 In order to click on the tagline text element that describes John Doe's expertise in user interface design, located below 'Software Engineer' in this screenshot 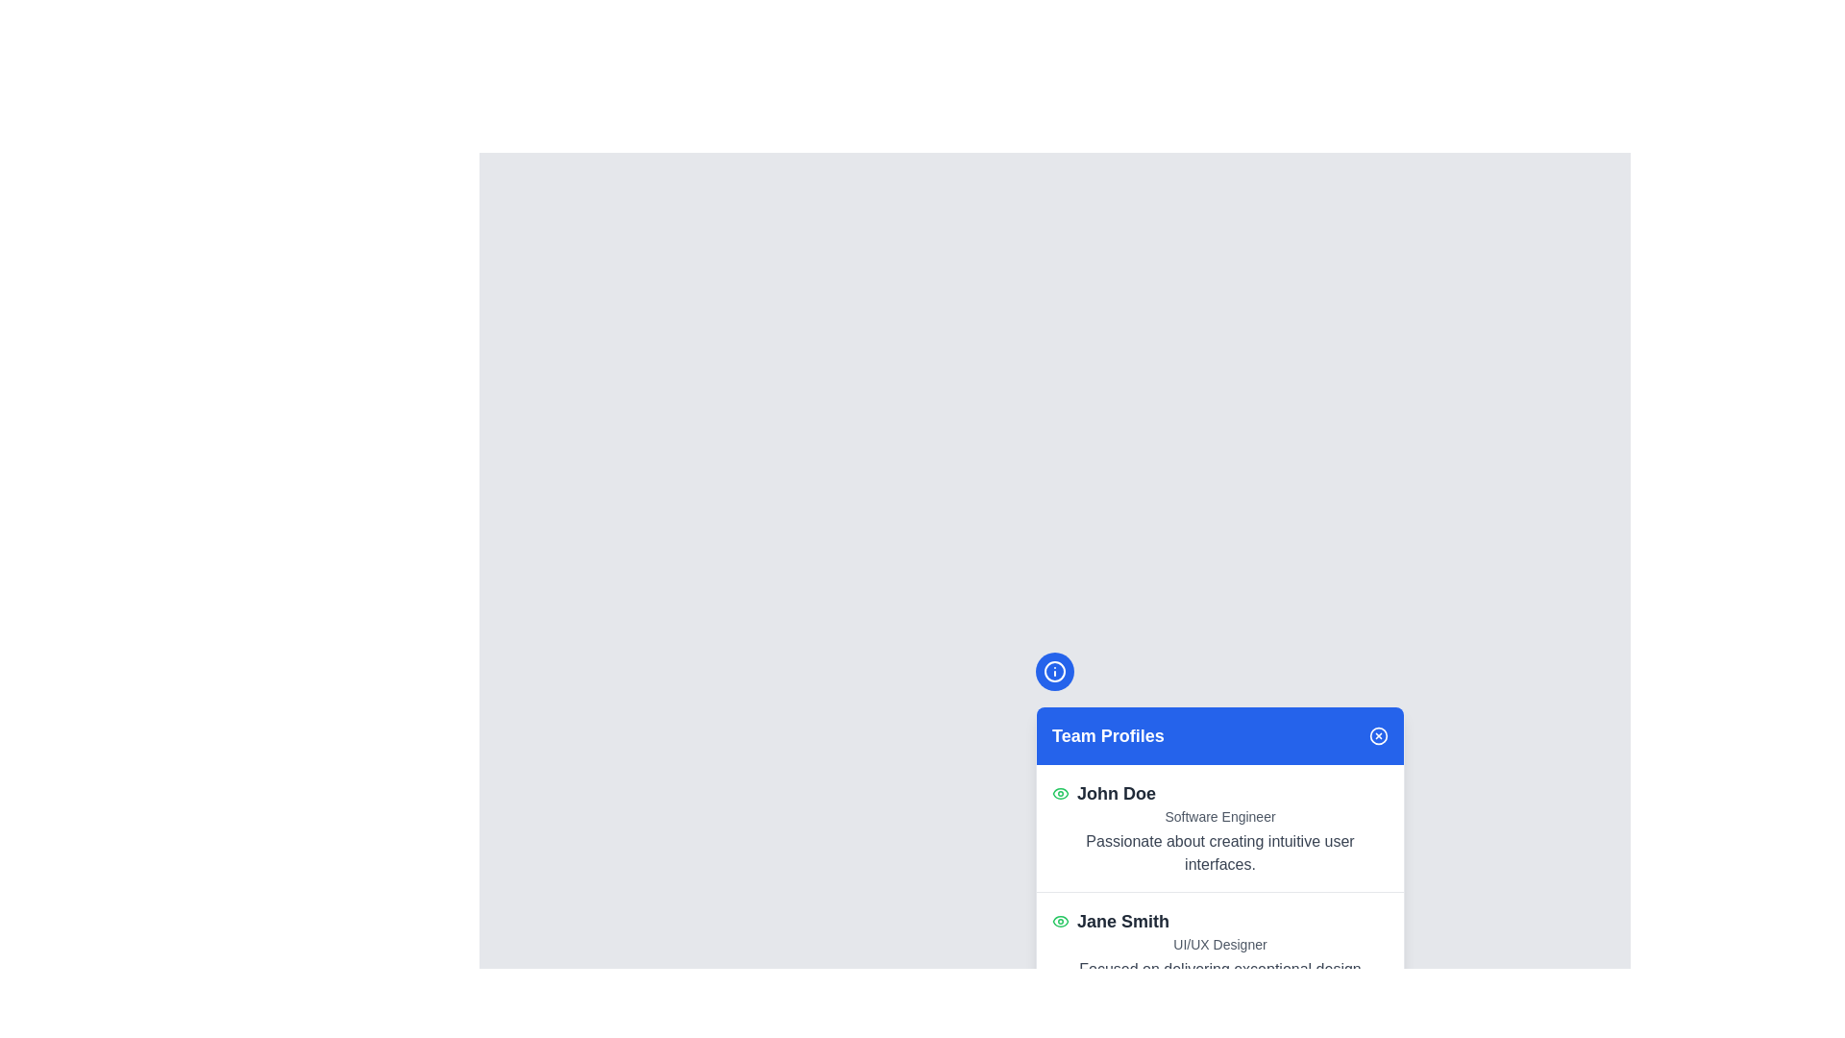, I will do `click(1219, 852)`.